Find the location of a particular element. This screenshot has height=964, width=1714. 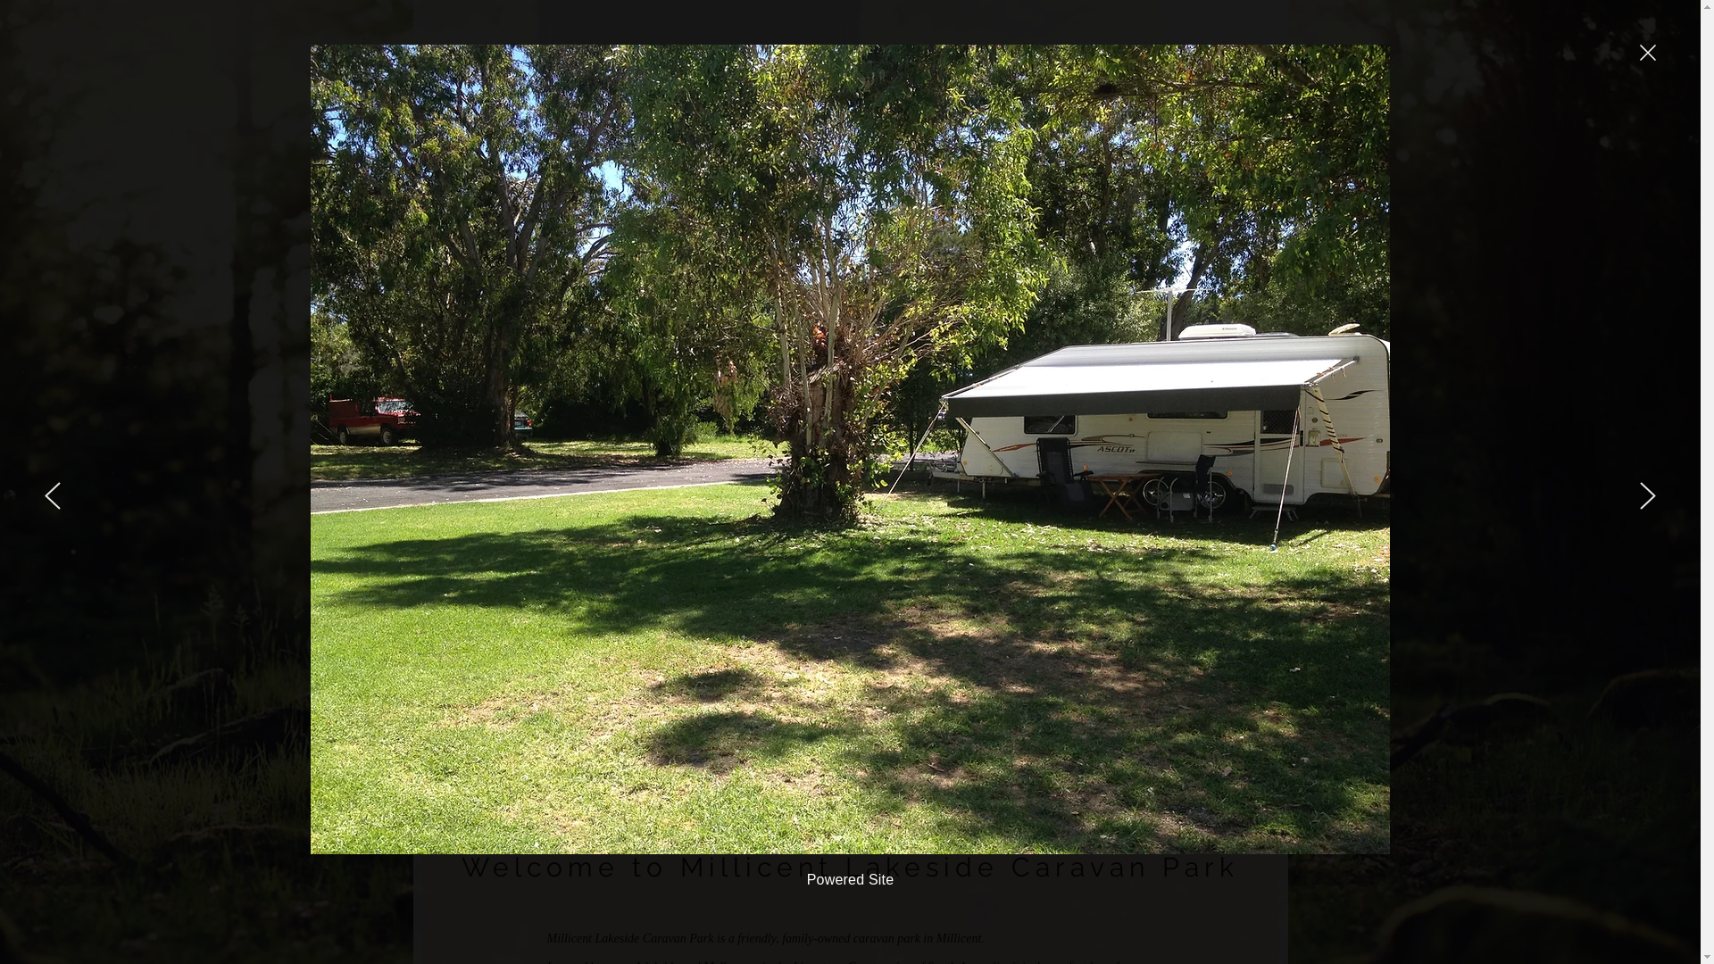

'HOME' is located at coordinates (781, 267).